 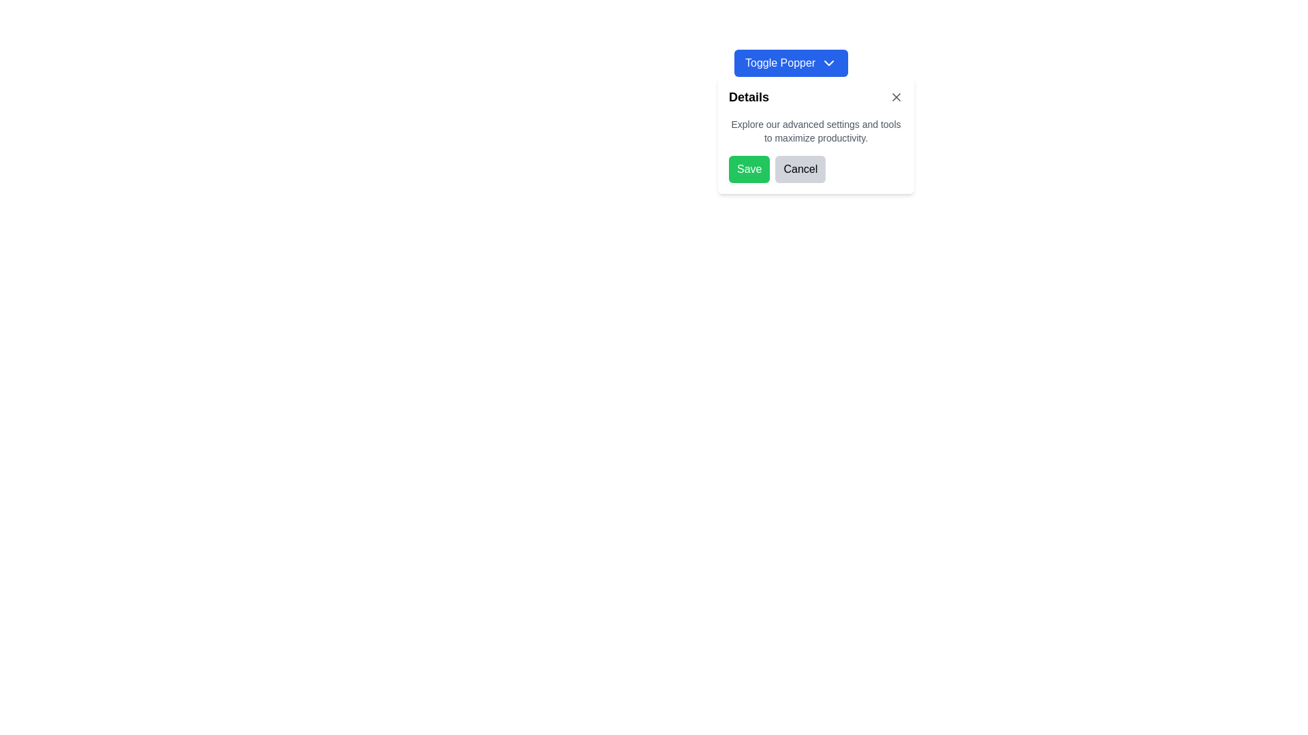 What do you see at coordinates (816, 131) in the screenshot?
I see `the text label that contains the content 'Explore our advanced settings and tools to maximize productivity.' which is styled in light gray font and positioned below the 'Details' header` at bounding box center [816, 131].